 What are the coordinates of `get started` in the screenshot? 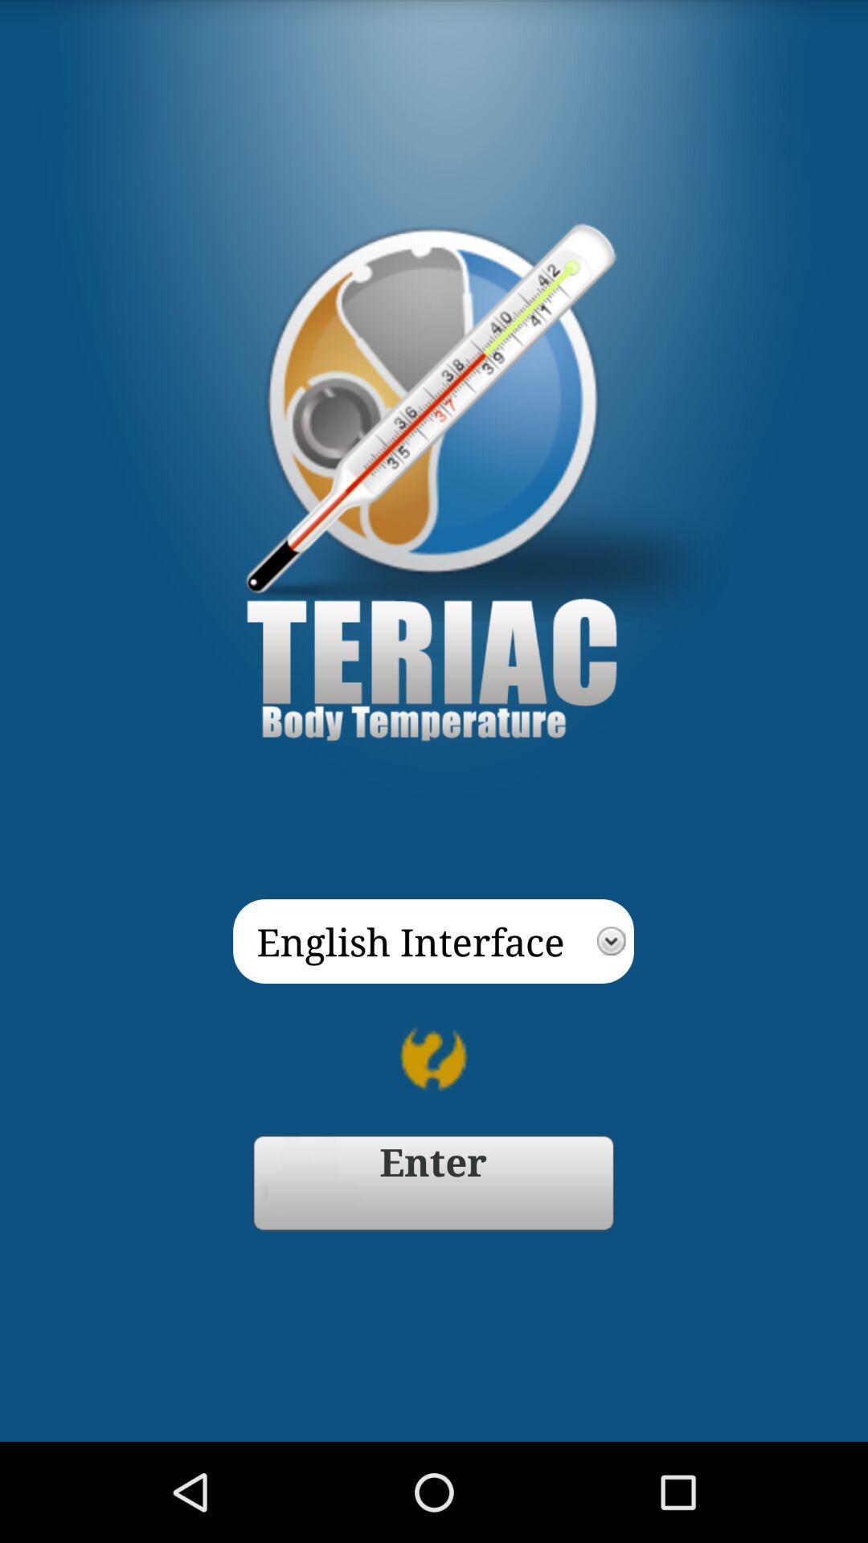 It's located at (432, 1183).